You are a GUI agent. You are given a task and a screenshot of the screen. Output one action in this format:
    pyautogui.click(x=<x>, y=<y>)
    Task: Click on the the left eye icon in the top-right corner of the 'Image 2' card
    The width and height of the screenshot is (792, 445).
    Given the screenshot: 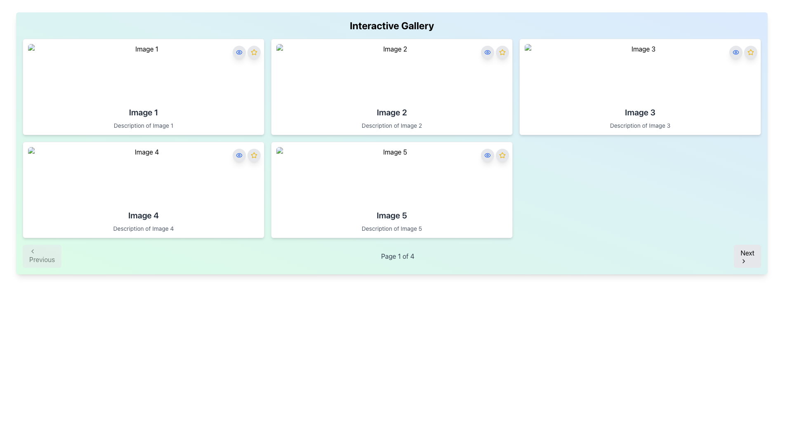 What is the action you would take?
    pyautogui.click(x=495, y=52)
    